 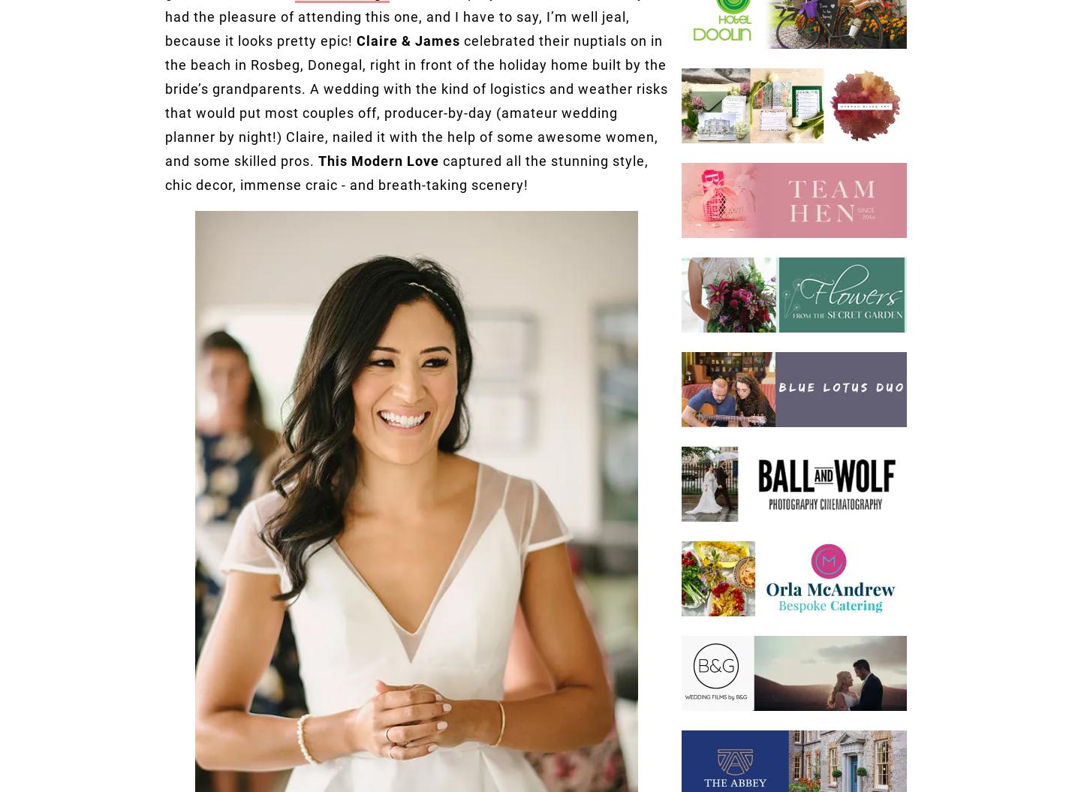 I want to click on 'Ardara', so click(x=413, y=49).